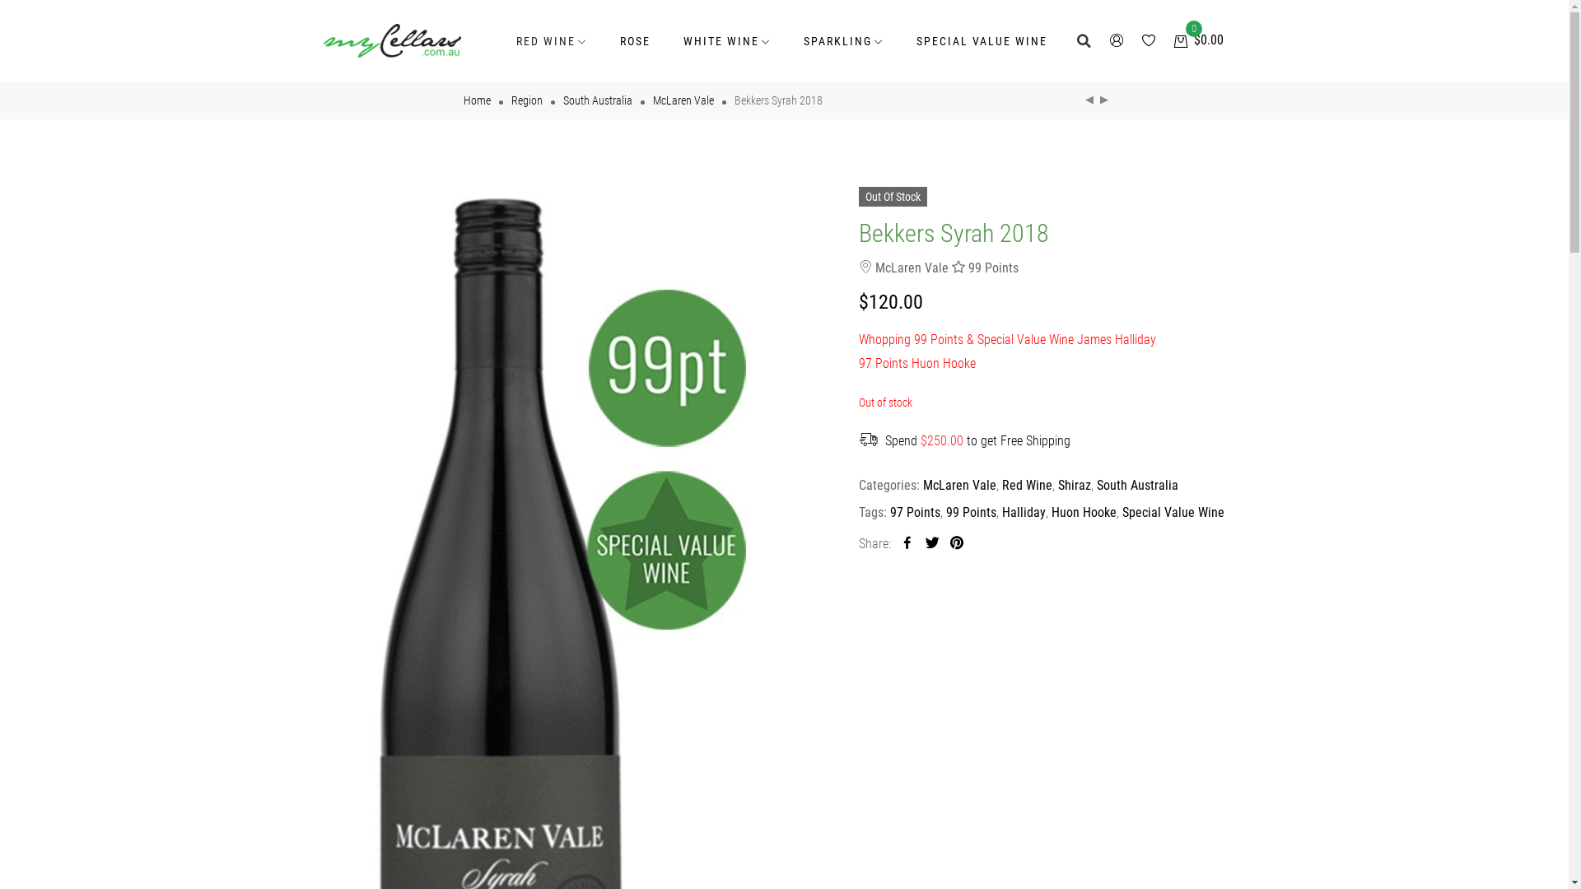 This screenshot has width=1581, height=889. I want to click on 'Red Wine', so click(1025, 484).